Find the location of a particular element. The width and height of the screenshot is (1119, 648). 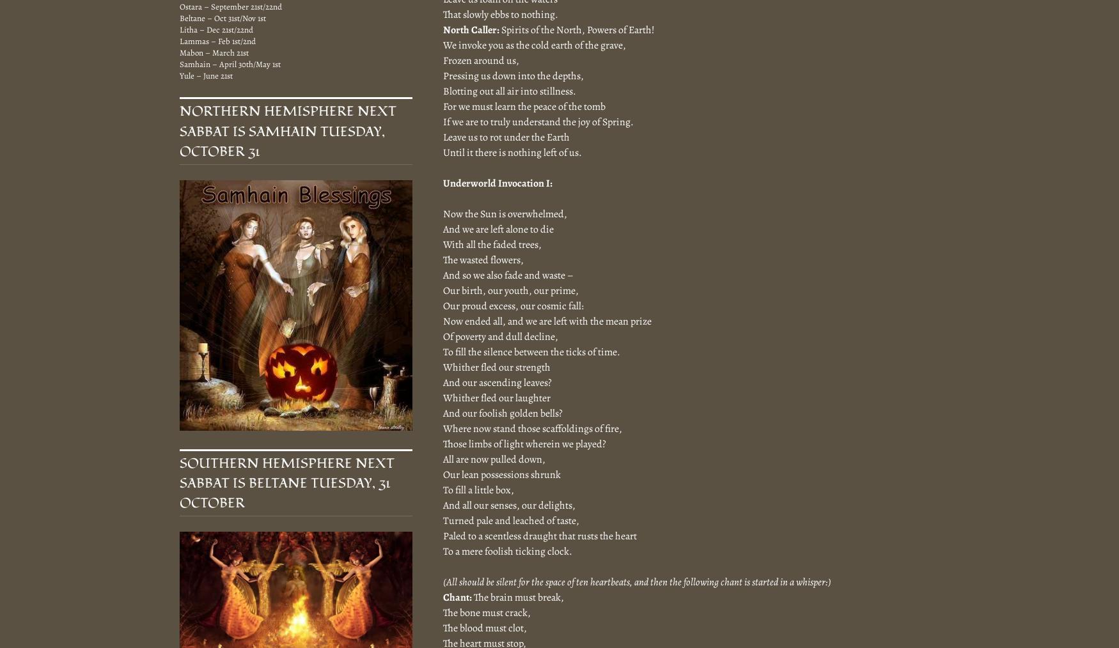

'Southern Hemisphere Next Sabbat is Beltane Tuesday, 31 October' is located at coordinates (287, 482).